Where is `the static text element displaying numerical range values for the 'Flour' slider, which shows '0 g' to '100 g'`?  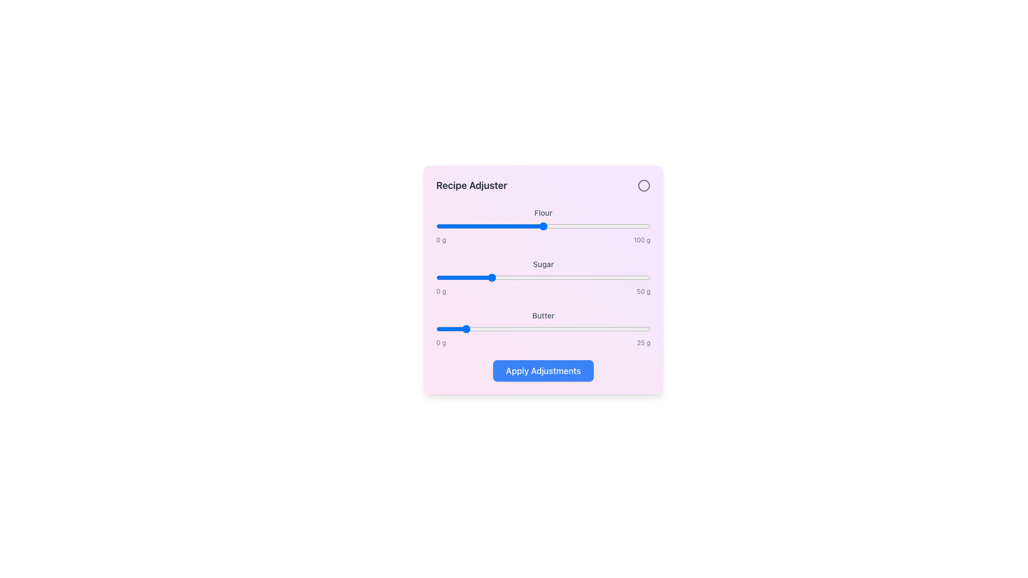 the static text element displaying numerical range values for the 'Flour' slider, which shows '0 g' to '100 g' is located at coordinates (543, 239).